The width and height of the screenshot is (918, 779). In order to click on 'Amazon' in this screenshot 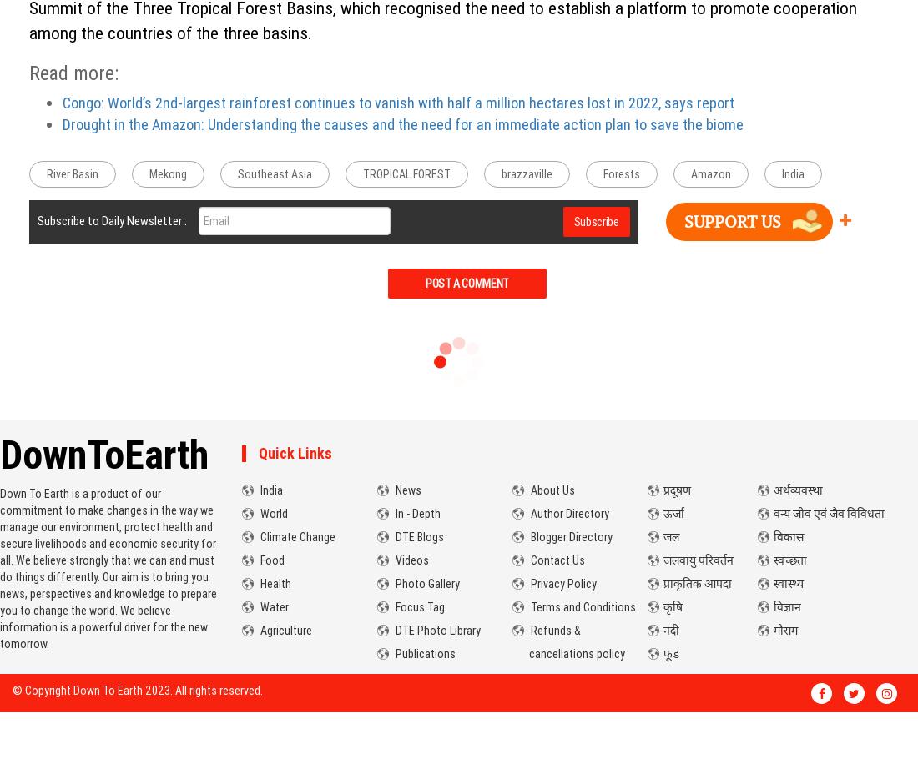, I will do `click(709, 173)`.